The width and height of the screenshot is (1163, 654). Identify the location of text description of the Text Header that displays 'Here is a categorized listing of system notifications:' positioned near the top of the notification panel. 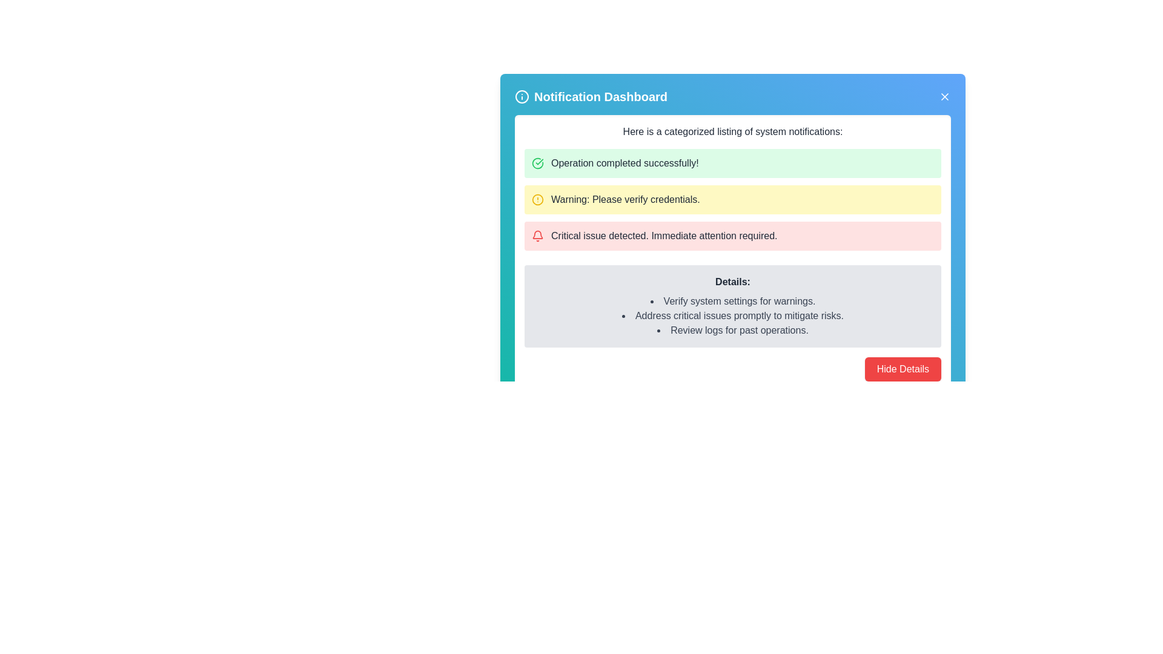
(732, 132).